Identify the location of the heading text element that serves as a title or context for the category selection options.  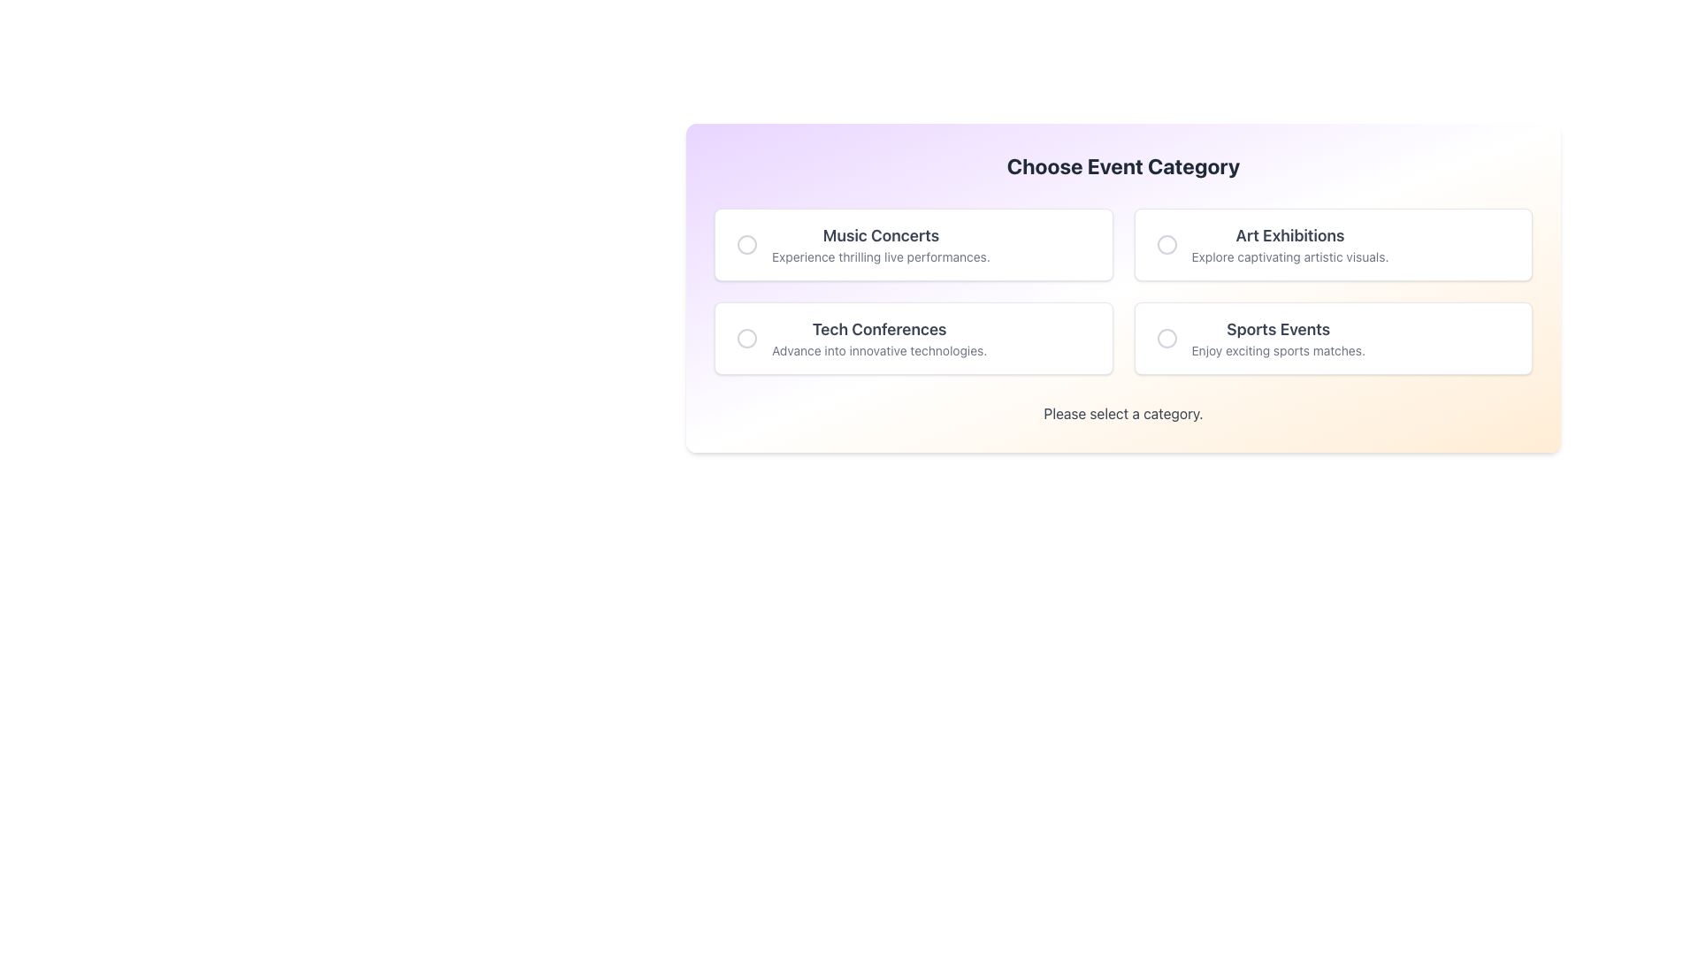
(1122, 166).